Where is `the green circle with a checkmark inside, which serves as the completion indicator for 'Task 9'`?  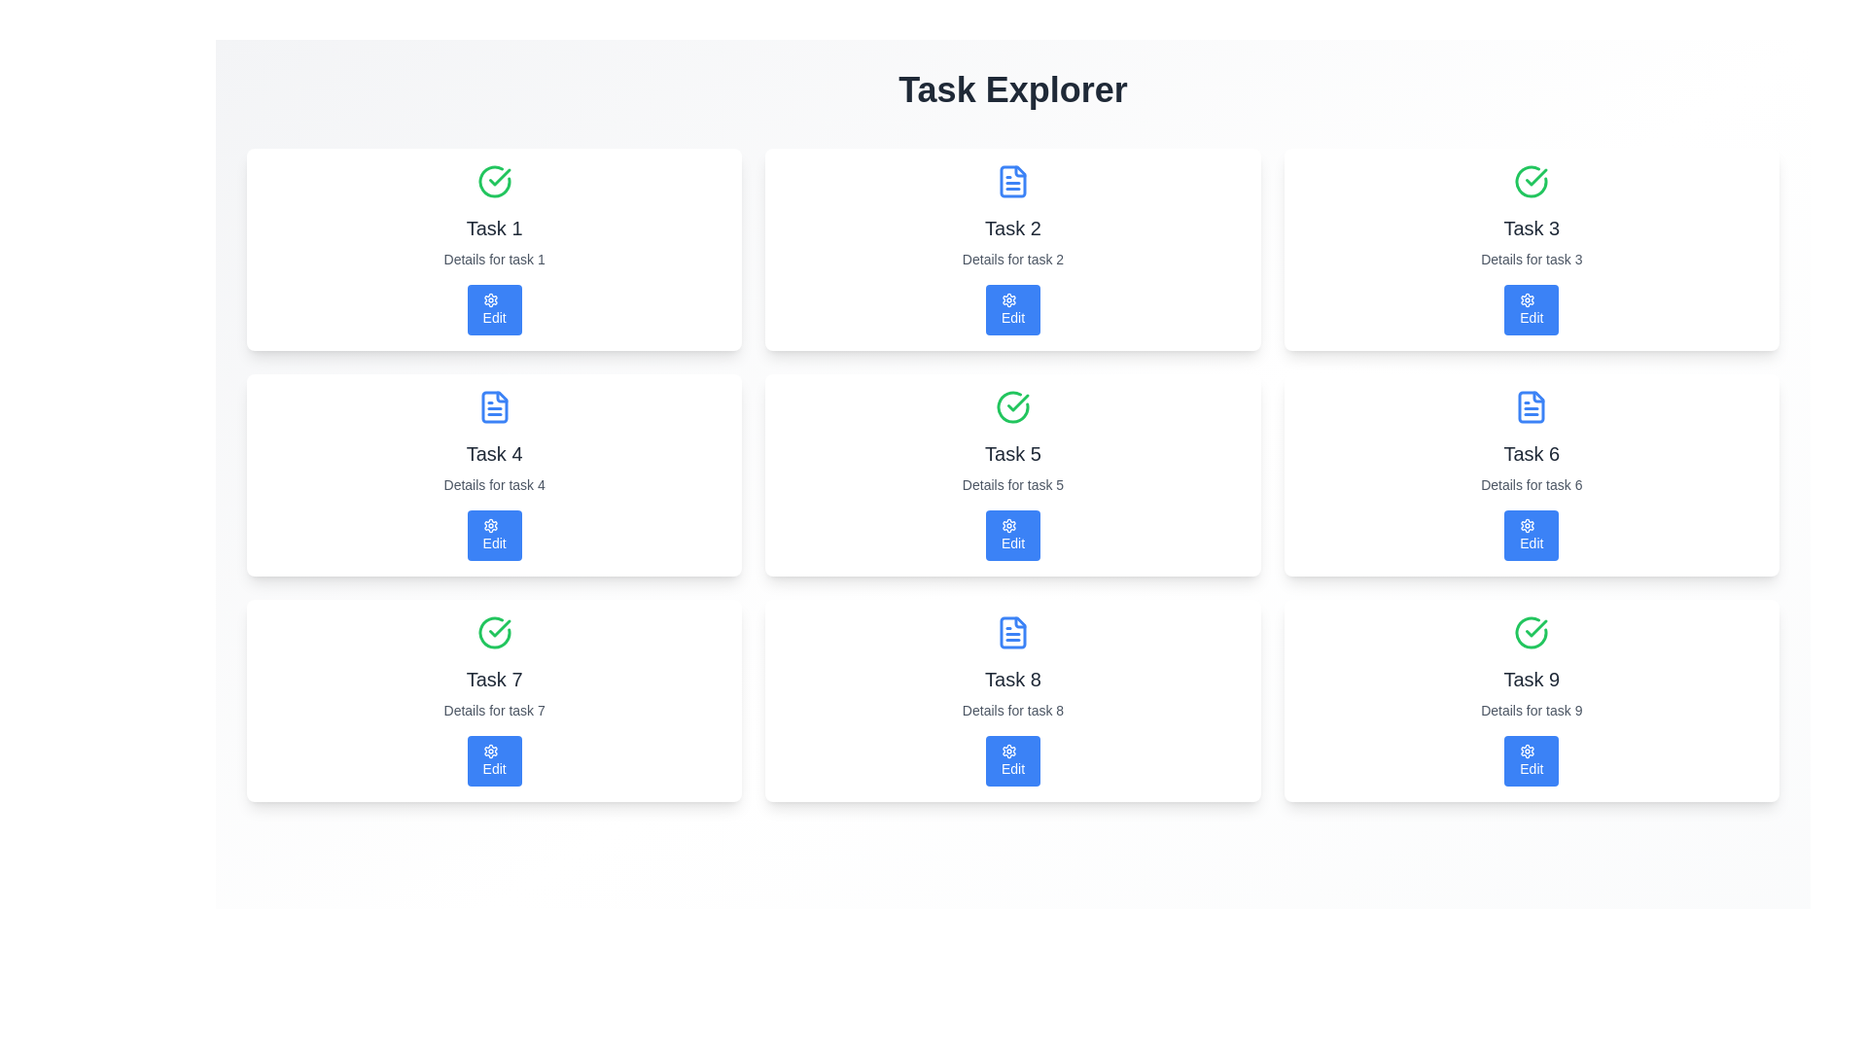
the green circle with a checkmark inside, which serves as the completion indicator for 'Task 9' is located at coordinates (1531, 633).